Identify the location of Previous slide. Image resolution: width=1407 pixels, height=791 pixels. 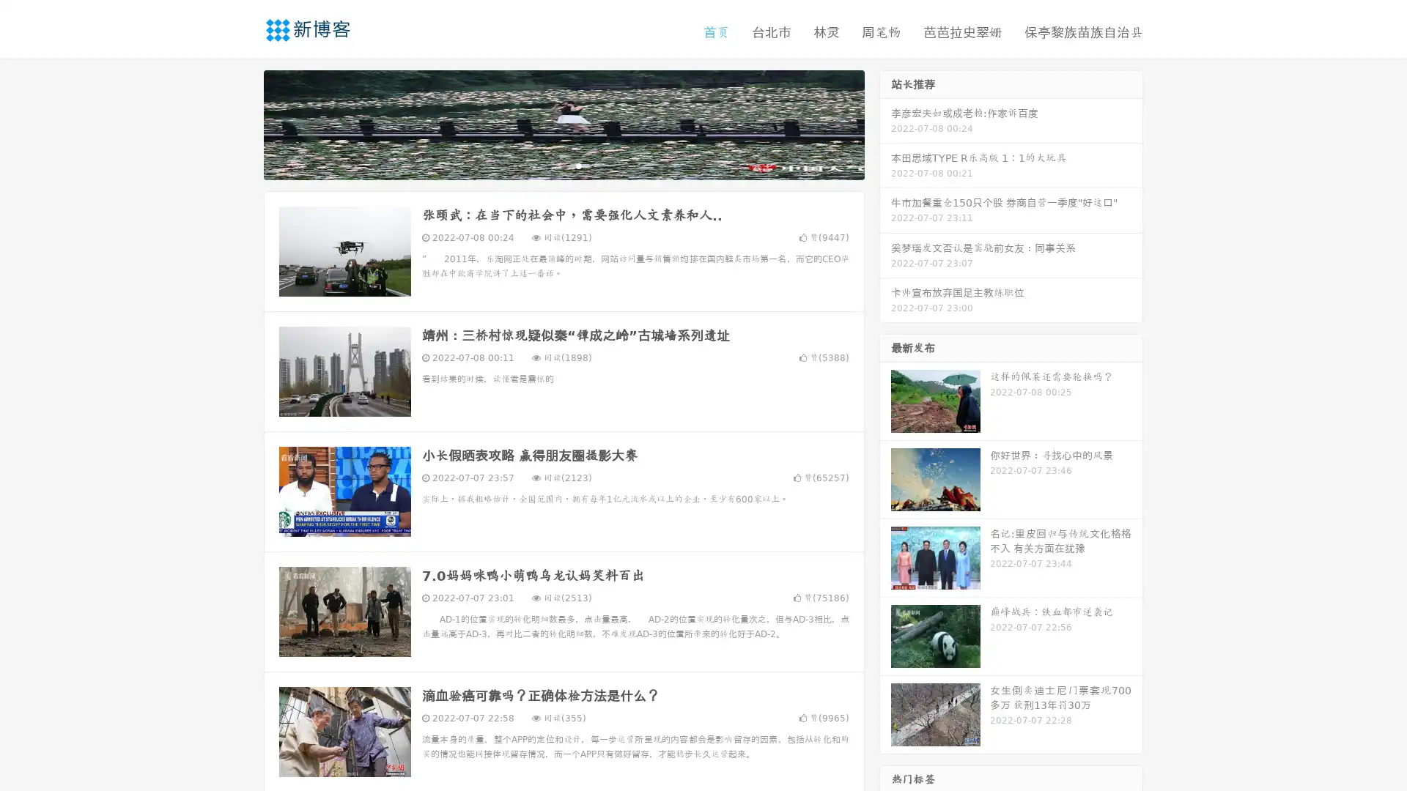
(242, 123).